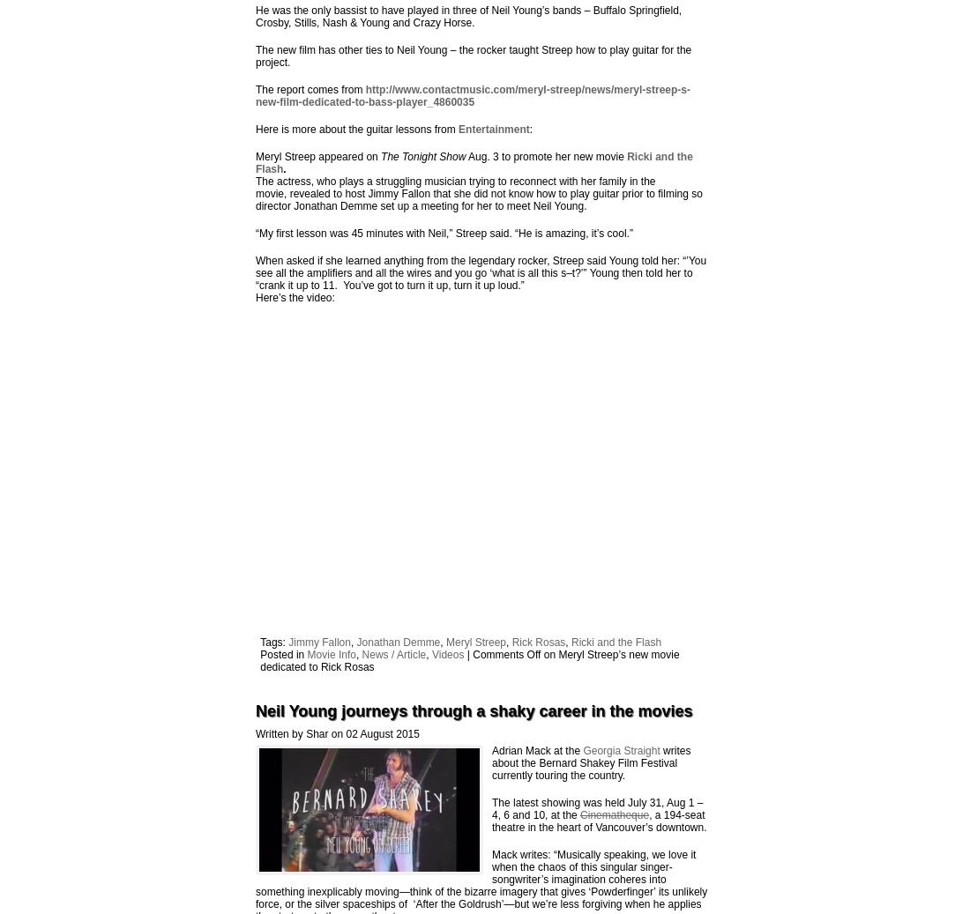 The image size is (970, 914). What do you see at coordinates (478, 192) in the screenshot?
I see `'The actress, who plays a struggling musician trying to reconnect with her family in the movie, revealed to host Jimmy Fallon that she did not know how to play guitar prior to filming so director Jonathan Demme set up a meeting for her to meet Neil Young.'` at bounding box center [478, 192].